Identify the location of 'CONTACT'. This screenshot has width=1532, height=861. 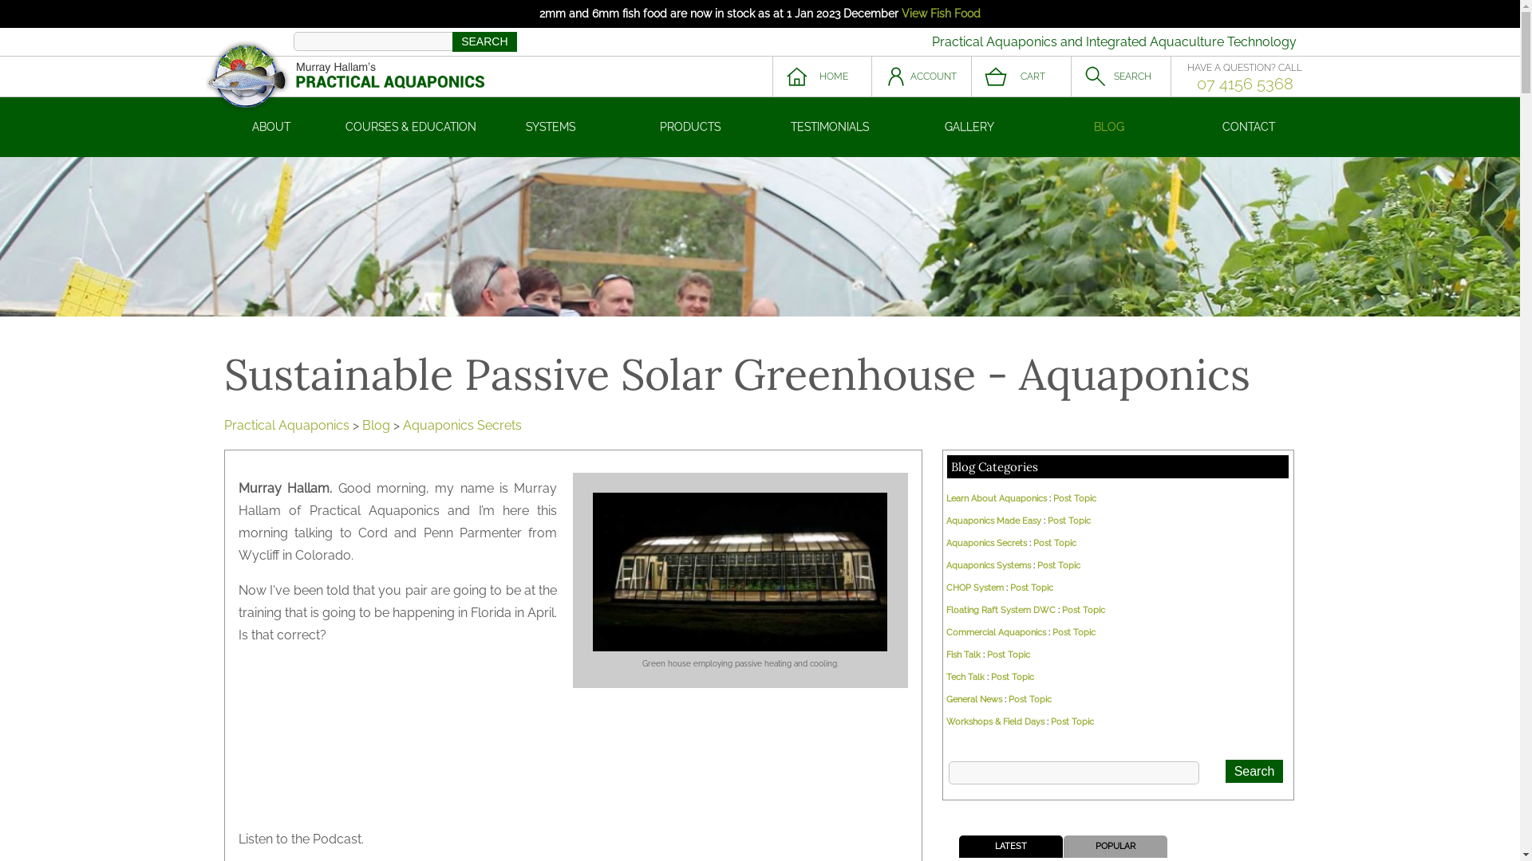
(1248, 126).